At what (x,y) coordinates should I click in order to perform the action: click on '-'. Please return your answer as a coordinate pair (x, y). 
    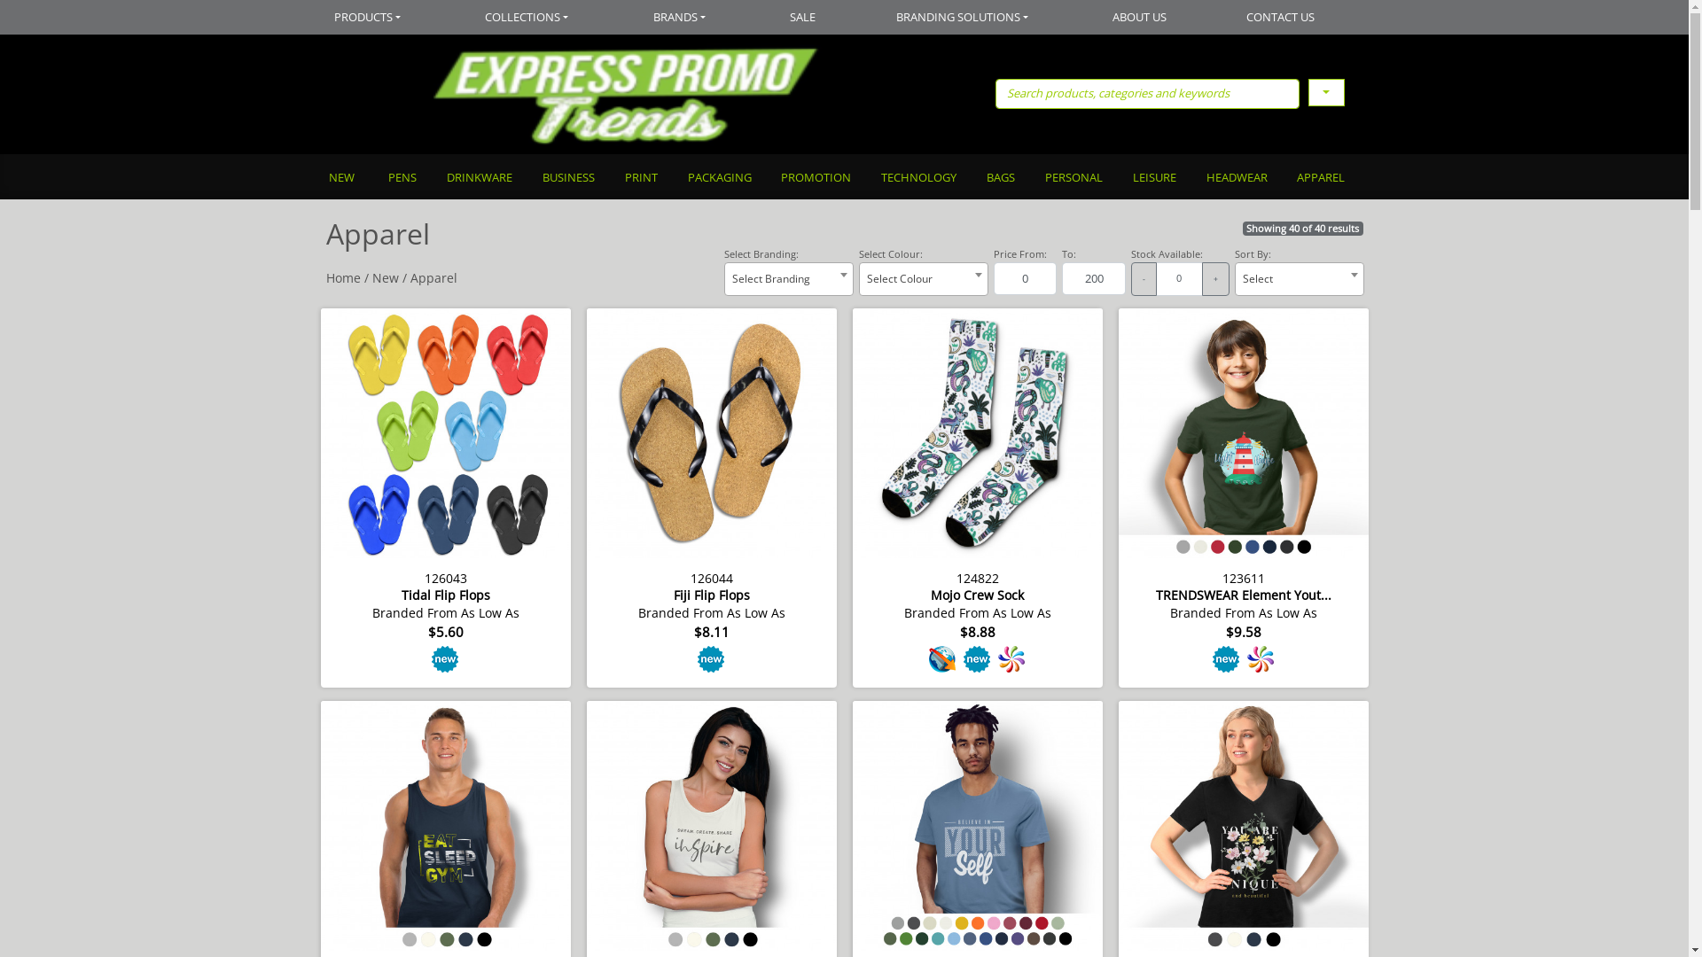
    Looking at the image, I should click on (1144, 279).